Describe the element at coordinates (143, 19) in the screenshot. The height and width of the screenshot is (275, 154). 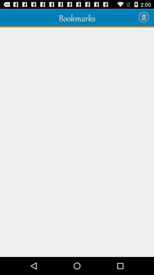
I see `the delete icon` at that location.